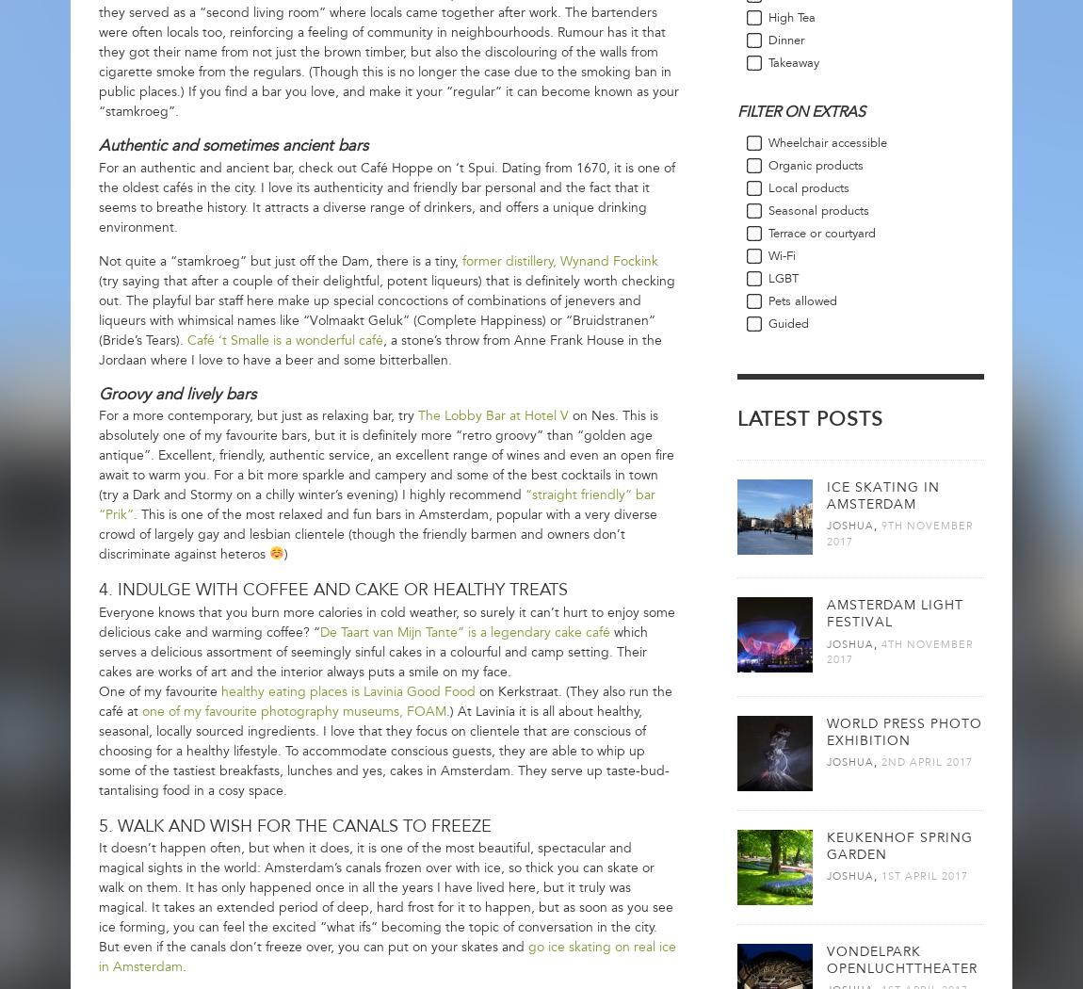 This screenshot has height=989, width=1083. I want to click on '4. Indulge with coffee and cake or healthy treats', so click(332, 590).